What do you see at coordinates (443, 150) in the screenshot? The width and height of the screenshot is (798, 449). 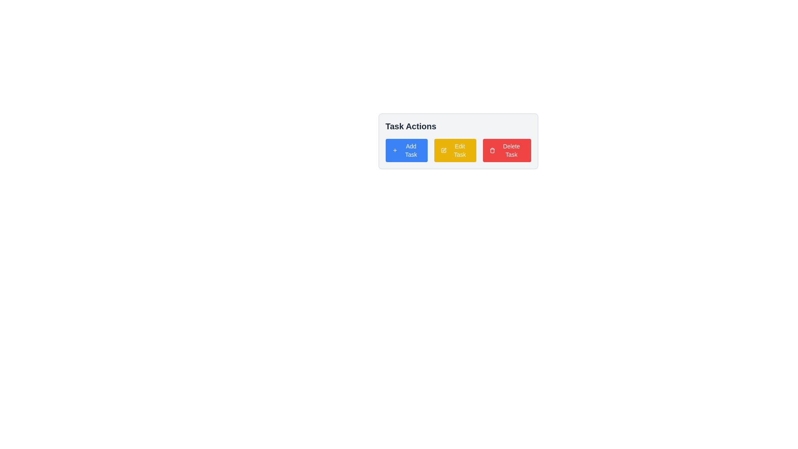 I see `the 'Edit Task' button which contains the icon that represents editing a task, located in the top-right 'Task Actions' section` at bounding box center [443, 150].